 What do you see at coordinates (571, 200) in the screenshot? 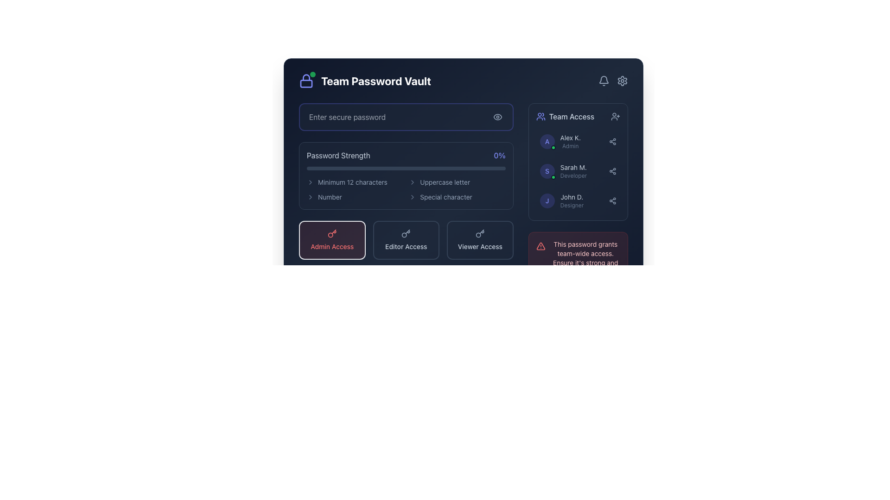
I see `the Label displaying 'John D. Designer' located under the 'Team Access' section, third in the list of team members` at bounding box center [571, 200].